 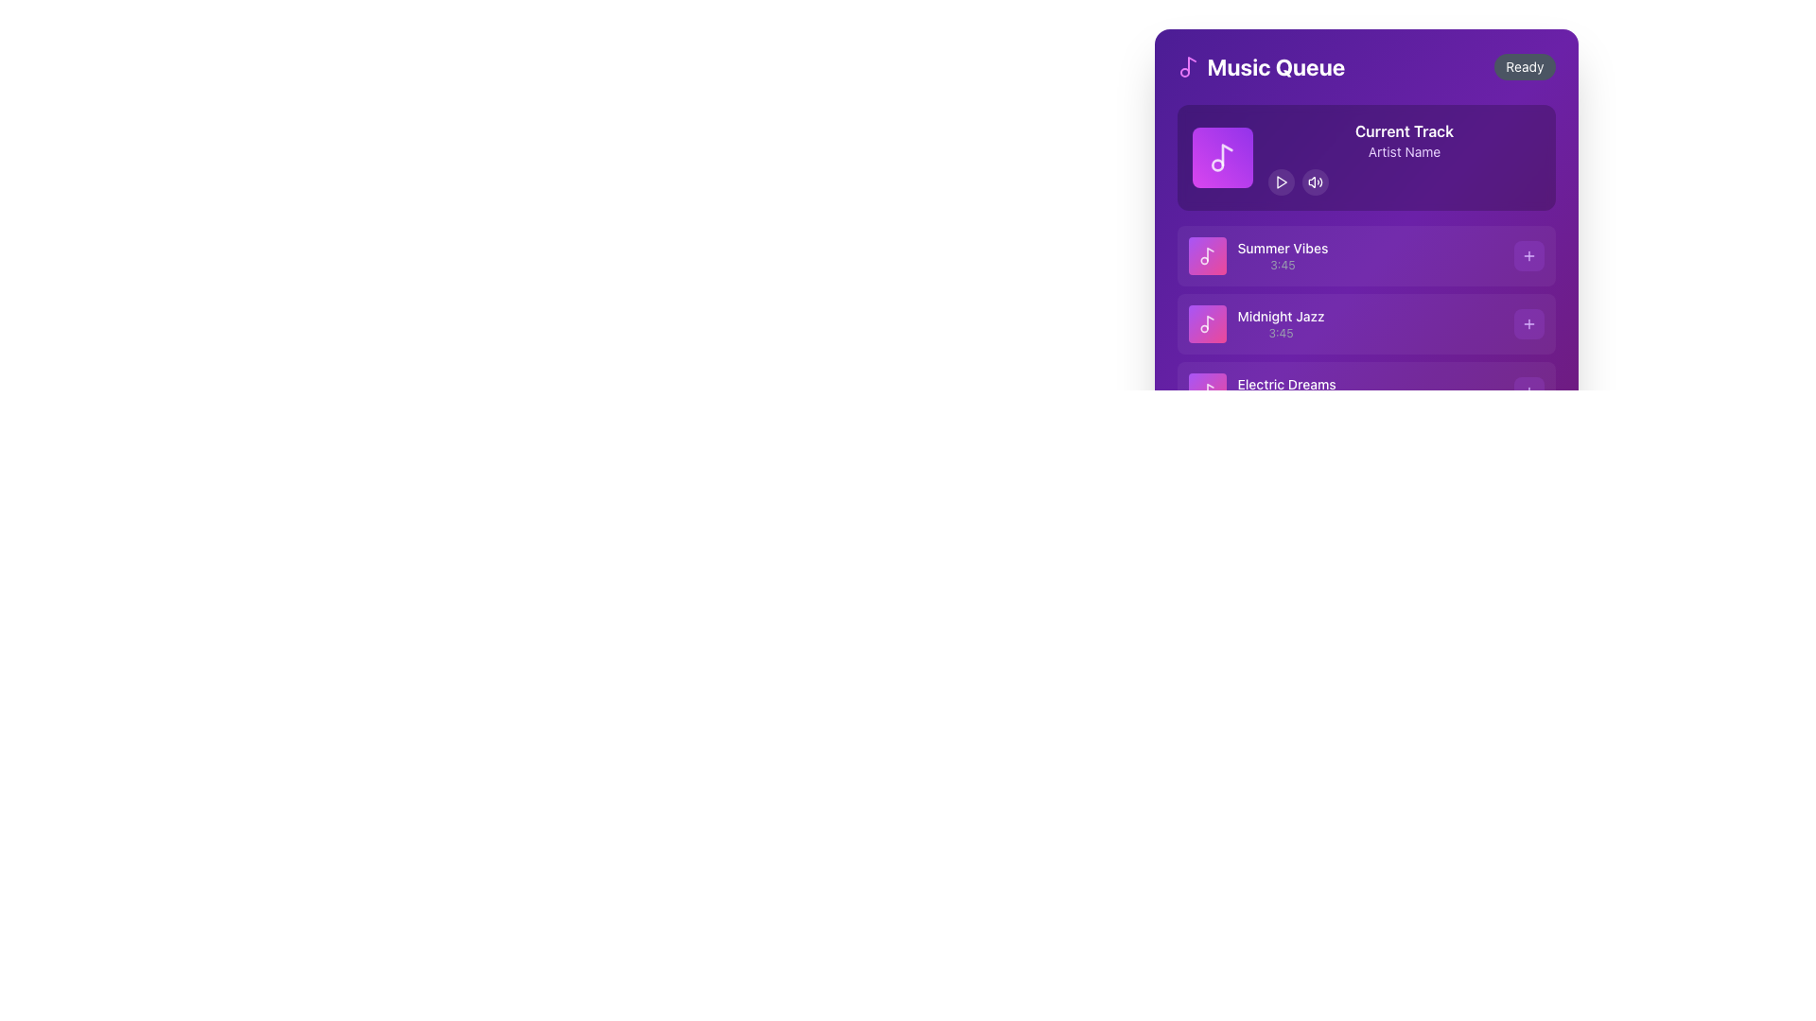 What do you see at coordinates (1280, 323) in the screenshot?
I see `the Text Block displaying the song title 'Midnight Jazz' with duration '3:45' in the music queue interface` at bounding box center [1280, 323].